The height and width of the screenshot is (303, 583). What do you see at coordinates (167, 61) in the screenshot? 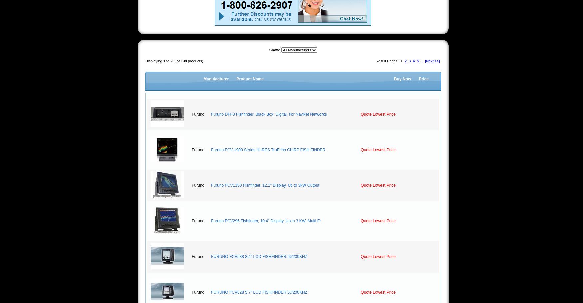
I see `'to'` at bounding box center [167, 61].